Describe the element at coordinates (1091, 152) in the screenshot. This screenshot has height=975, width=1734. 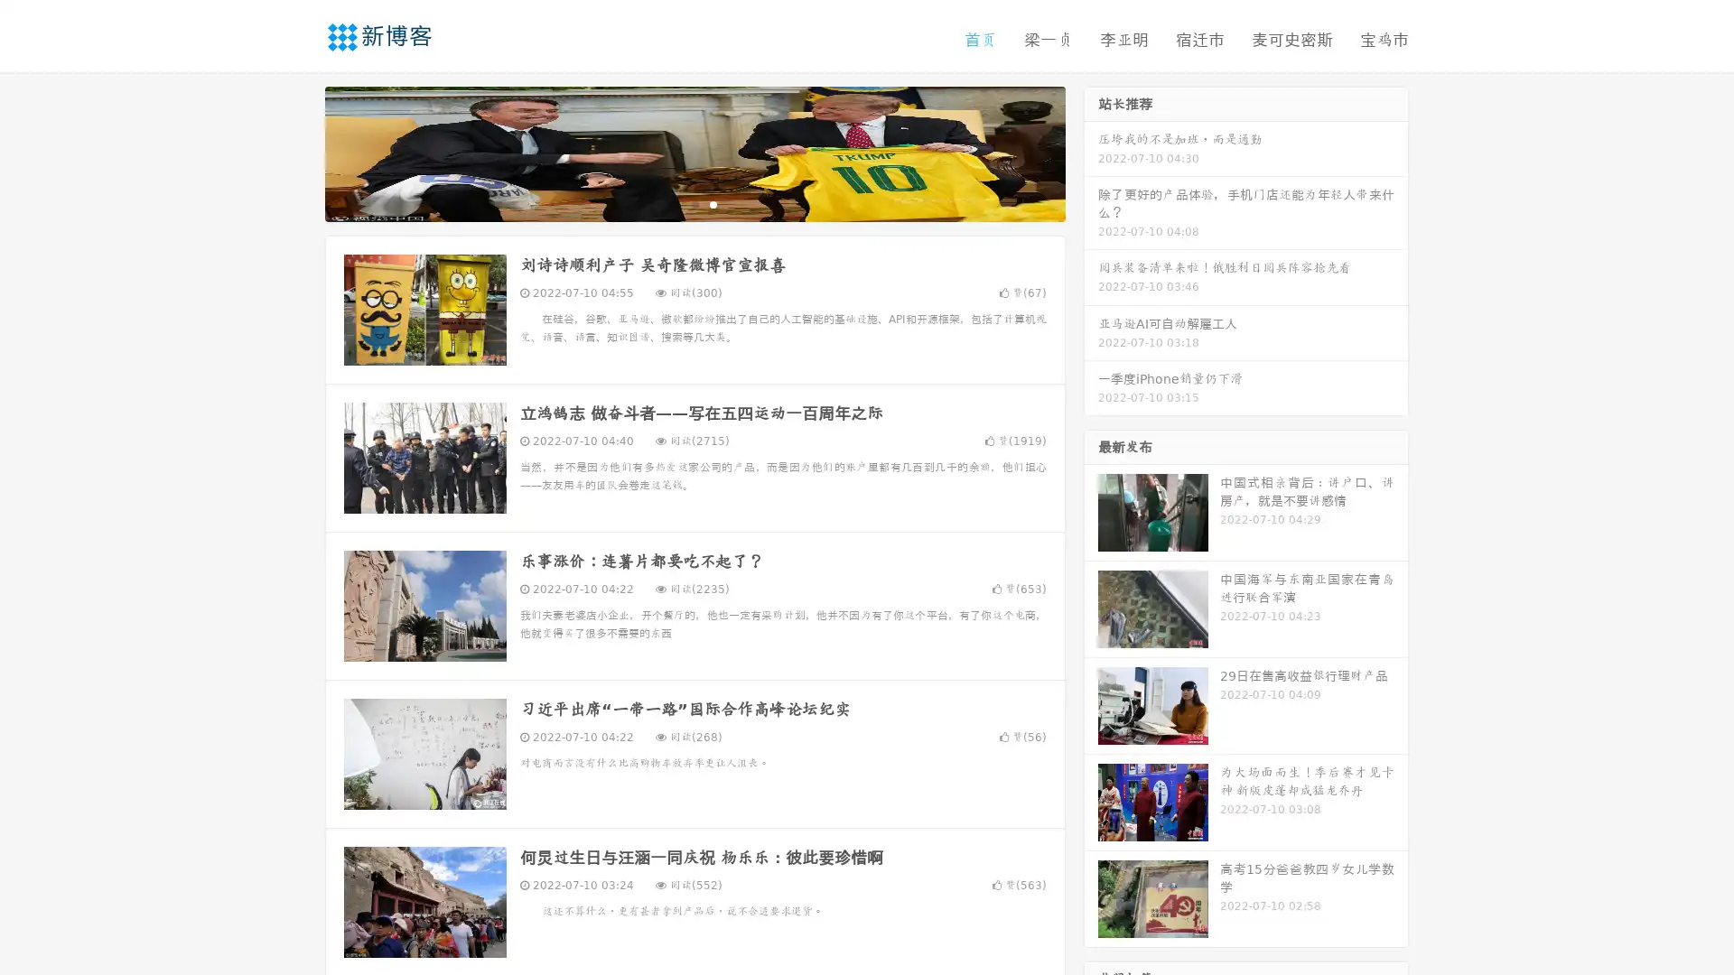
I see `Next slide` at that location.